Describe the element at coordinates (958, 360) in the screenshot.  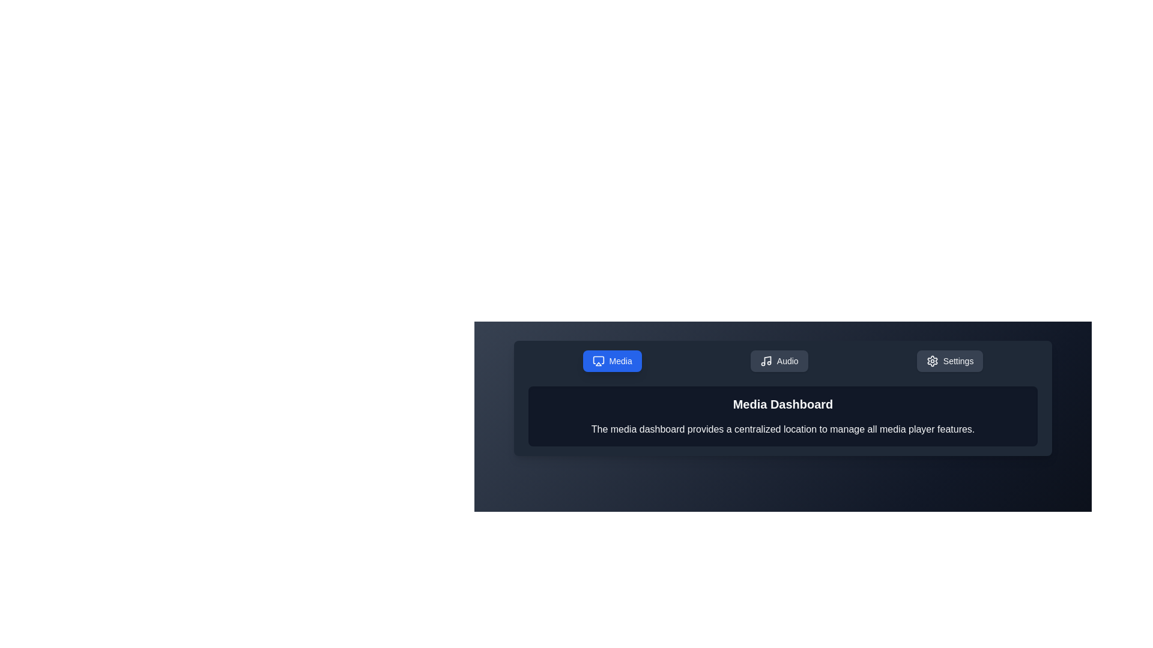
I see `text label for the settings option, which is part of a button positioned at the top-right corner of the interface, adjacent to a gear icon` at that location.